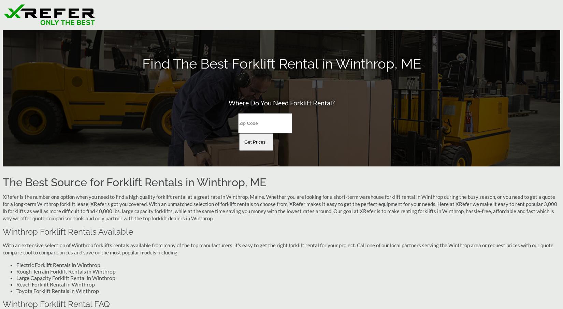 The height and width of the screenshot is (309, 563). What do you see at coordinates (56, 304) in the screenshot?
I see `'Winthrop Forklift Rental FAQ'` at bounding box center [56, 304].